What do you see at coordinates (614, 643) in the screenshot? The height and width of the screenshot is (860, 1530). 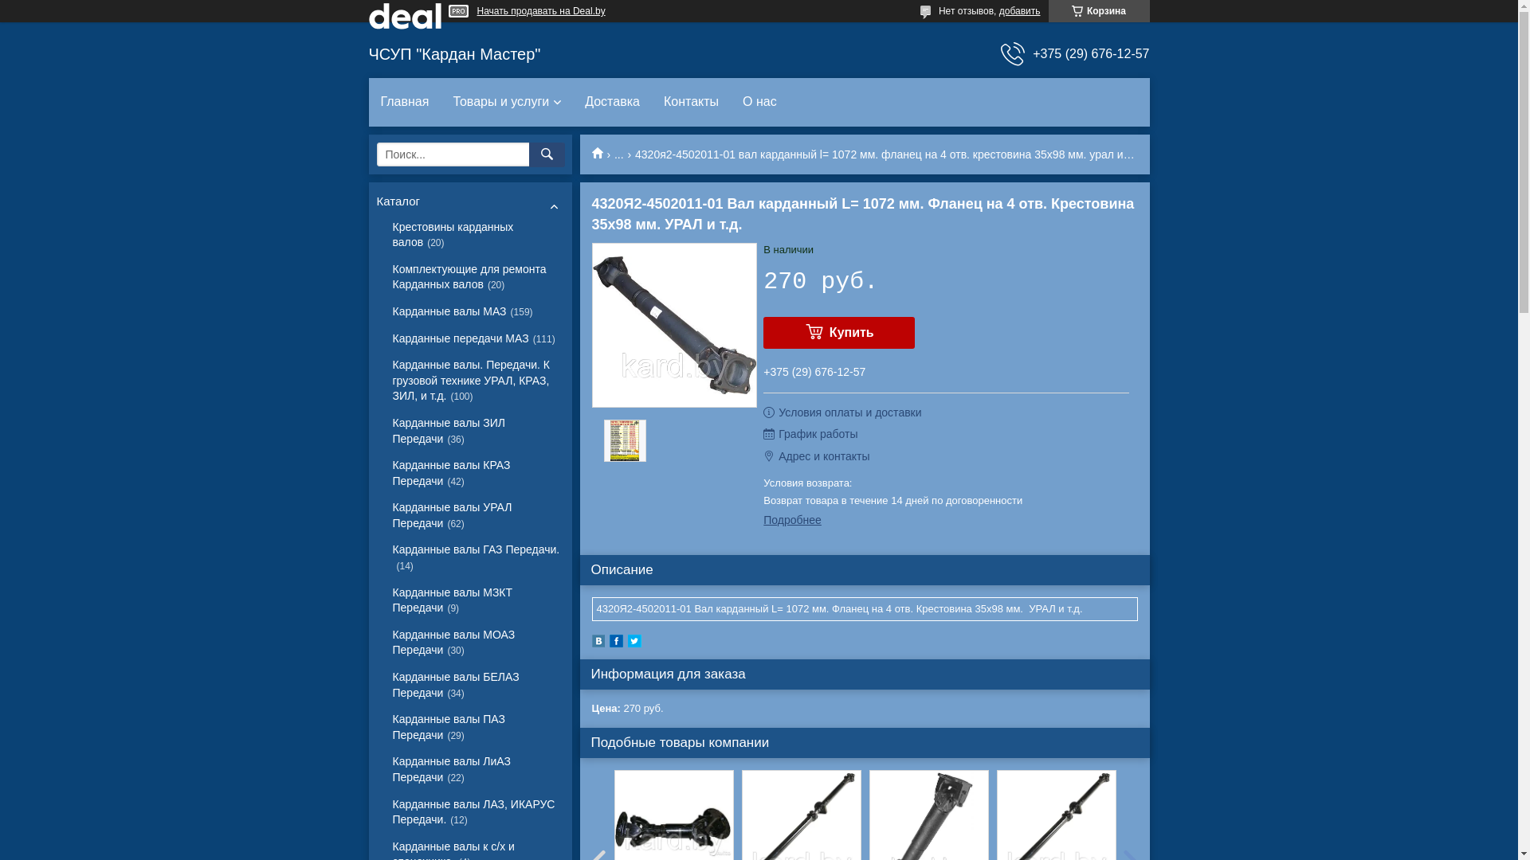 I see `'facebook'` at bounding box center [614, 643].